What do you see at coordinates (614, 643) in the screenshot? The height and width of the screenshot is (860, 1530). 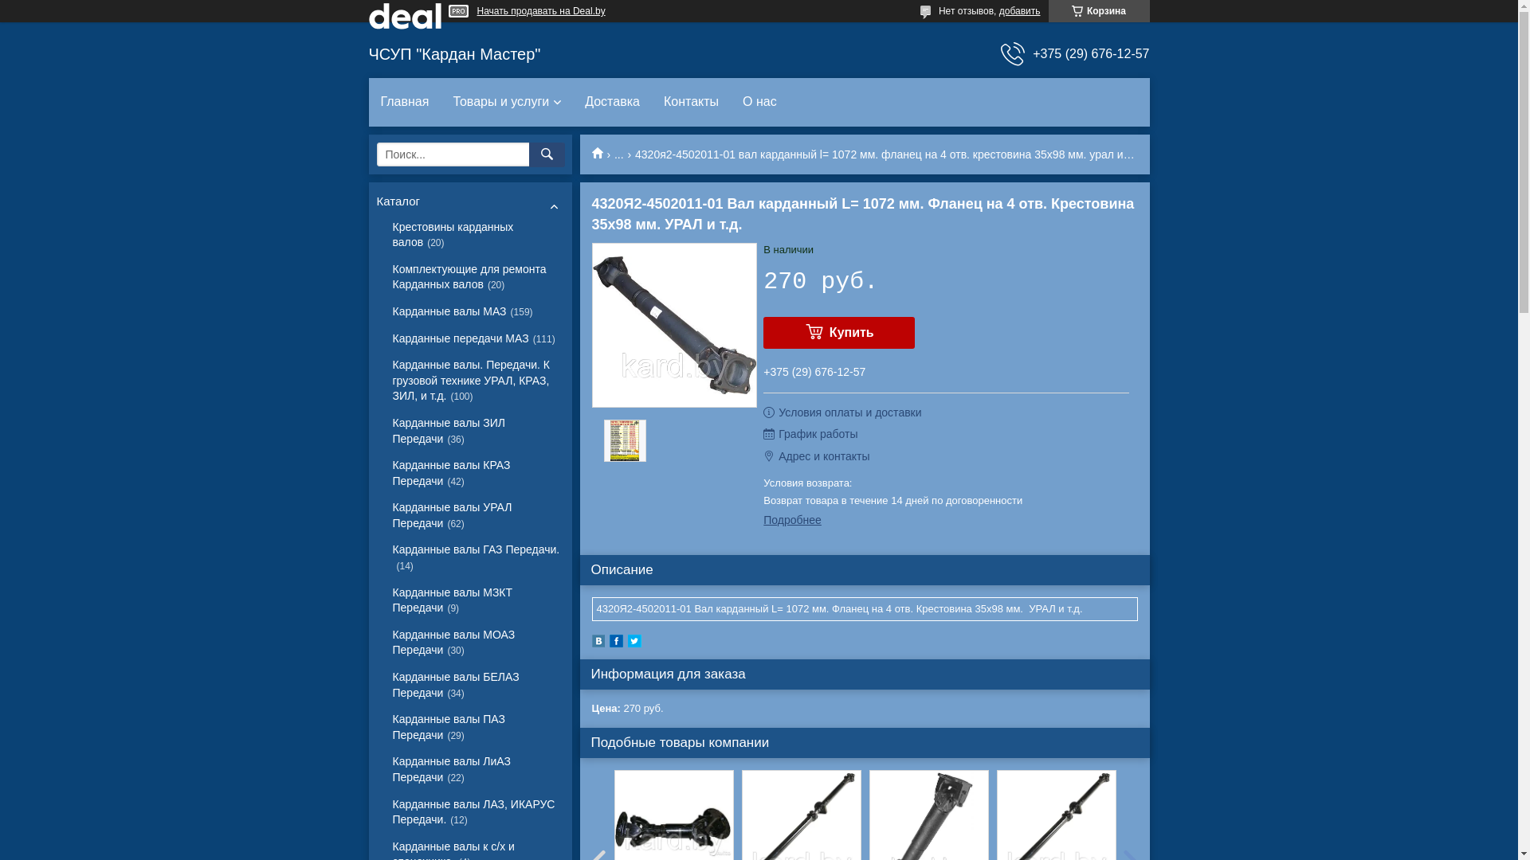 I see `'facebook'` at bounding box center [614, 643].